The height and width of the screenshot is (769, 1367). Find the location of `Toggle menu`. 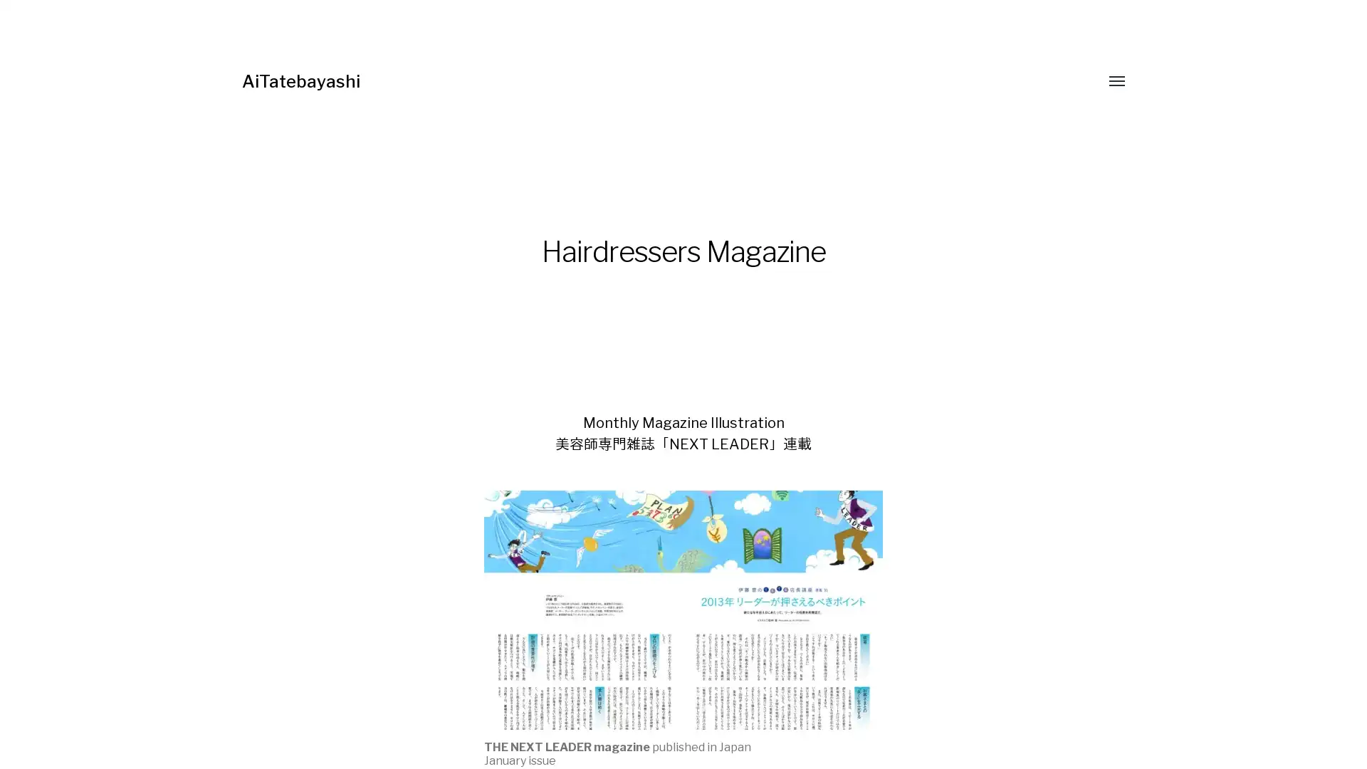

Toggle menu is located at coordinates (1106, 81).